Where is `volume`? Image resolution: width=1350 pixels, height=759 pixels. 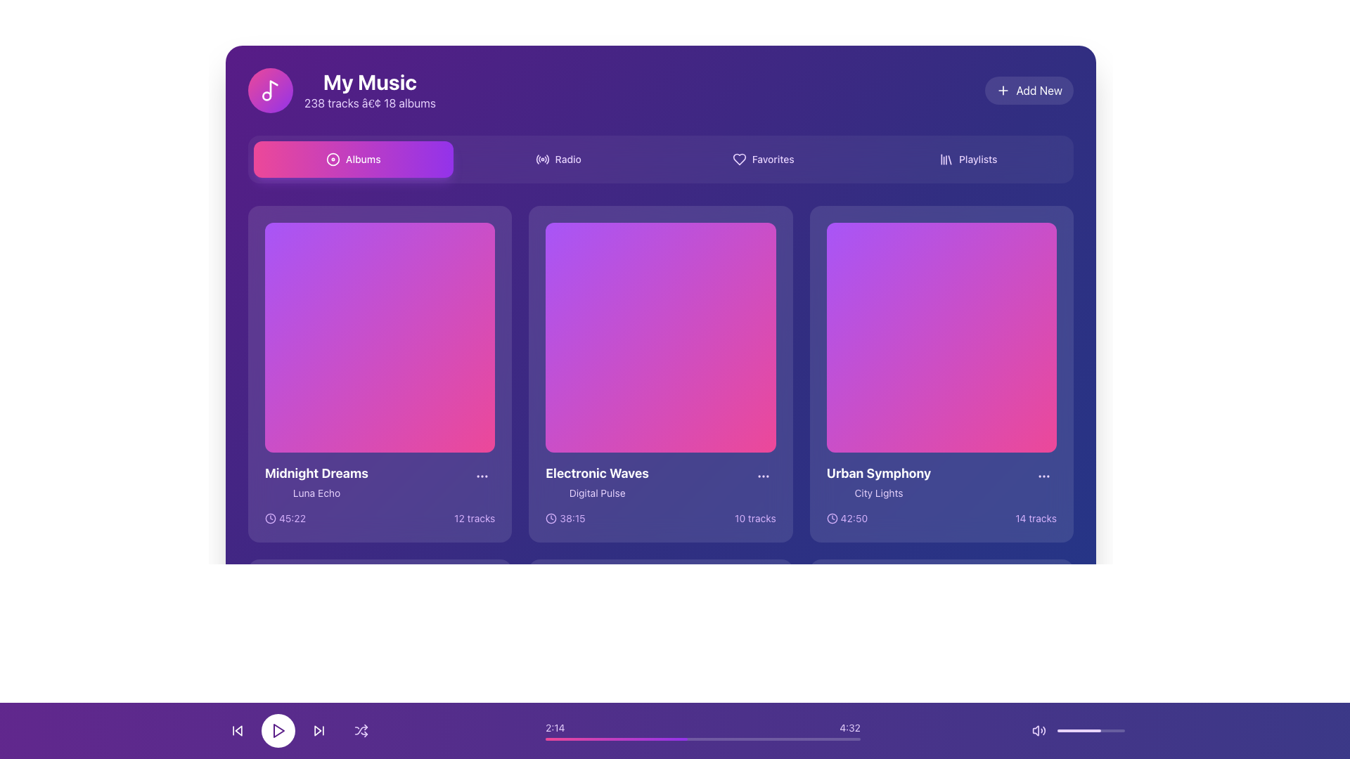
volume is located at coordinates (1079, 730).